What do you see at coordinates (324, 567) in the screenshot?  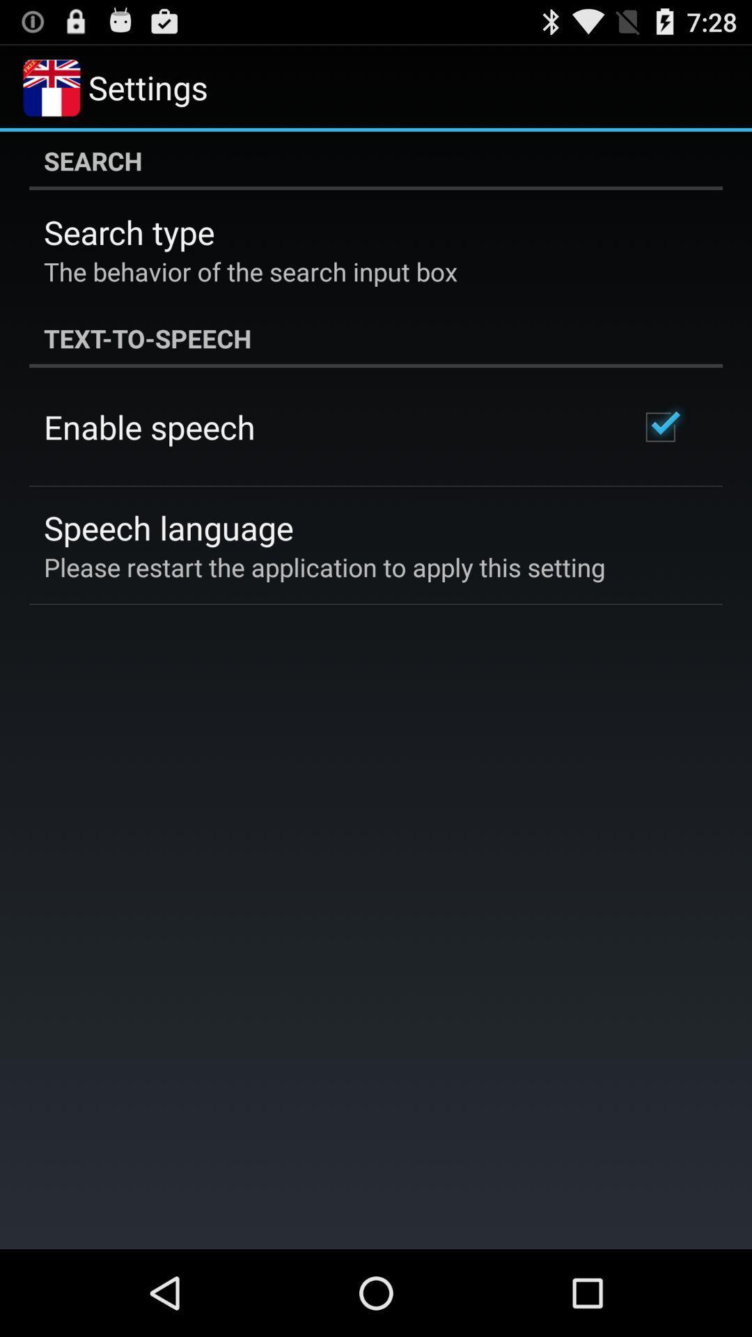 I see `the please restart the app` at bounding box center [324, 567].